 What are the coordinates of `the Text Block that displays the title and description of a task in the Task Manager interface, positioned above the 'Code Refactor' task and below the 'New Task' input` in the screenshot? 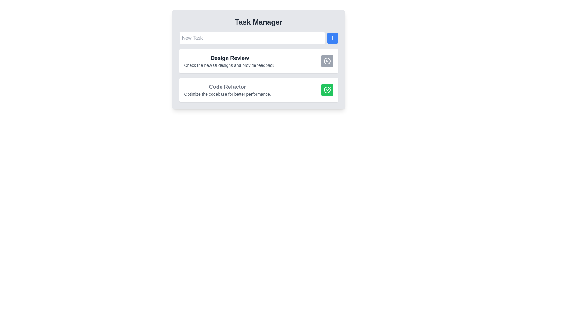 It's located at (229, 61).